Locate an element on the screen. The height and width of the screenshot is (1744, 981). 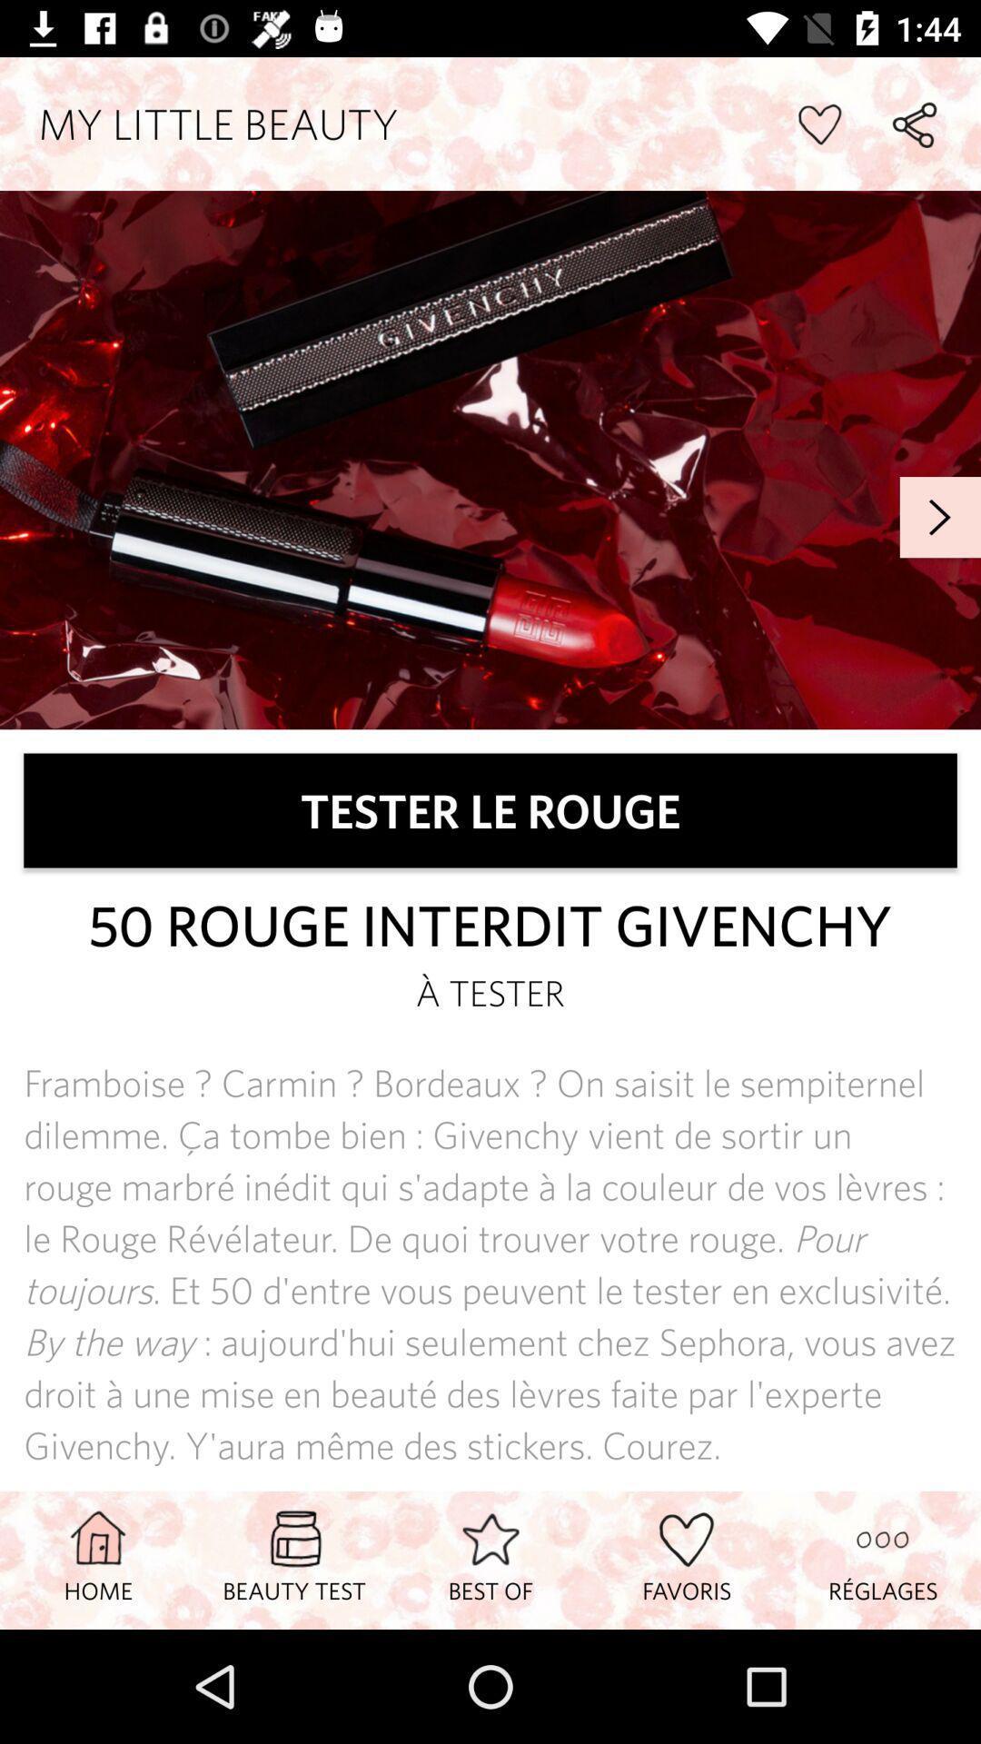
icon above tester le rouge item is located at coordinates (940, 516).